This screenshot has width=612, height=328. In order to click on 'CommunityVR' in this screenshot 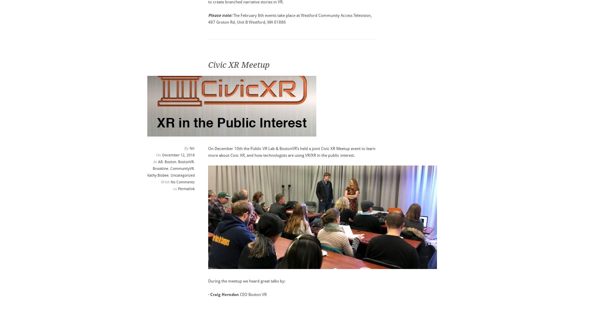, I will do `click(170, 168)`.